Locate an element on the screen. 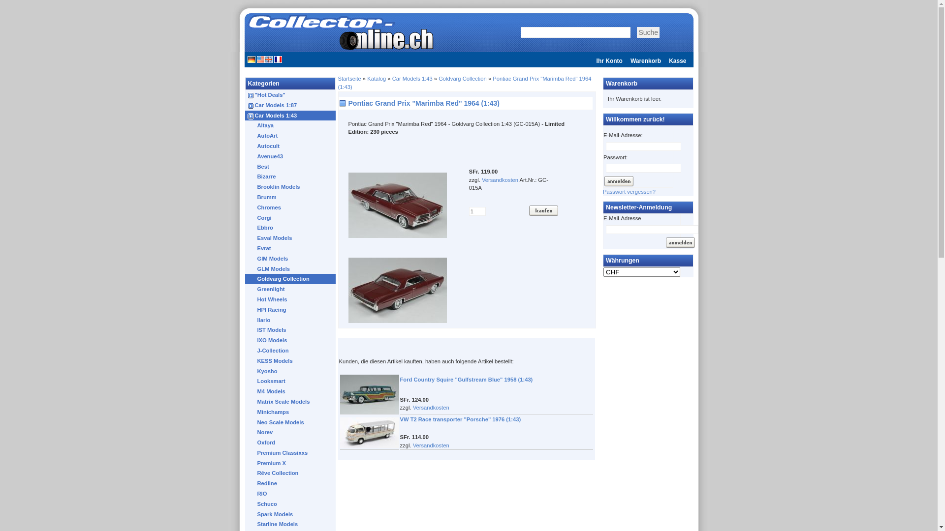  'Best' is located at coordinates (291, 166).